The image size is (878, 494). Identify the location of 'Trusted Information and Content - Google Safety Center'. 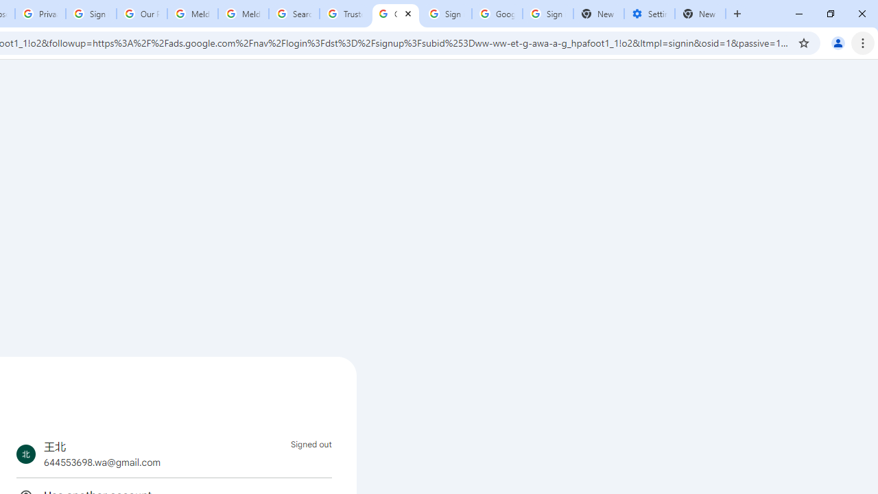
(345, 14).